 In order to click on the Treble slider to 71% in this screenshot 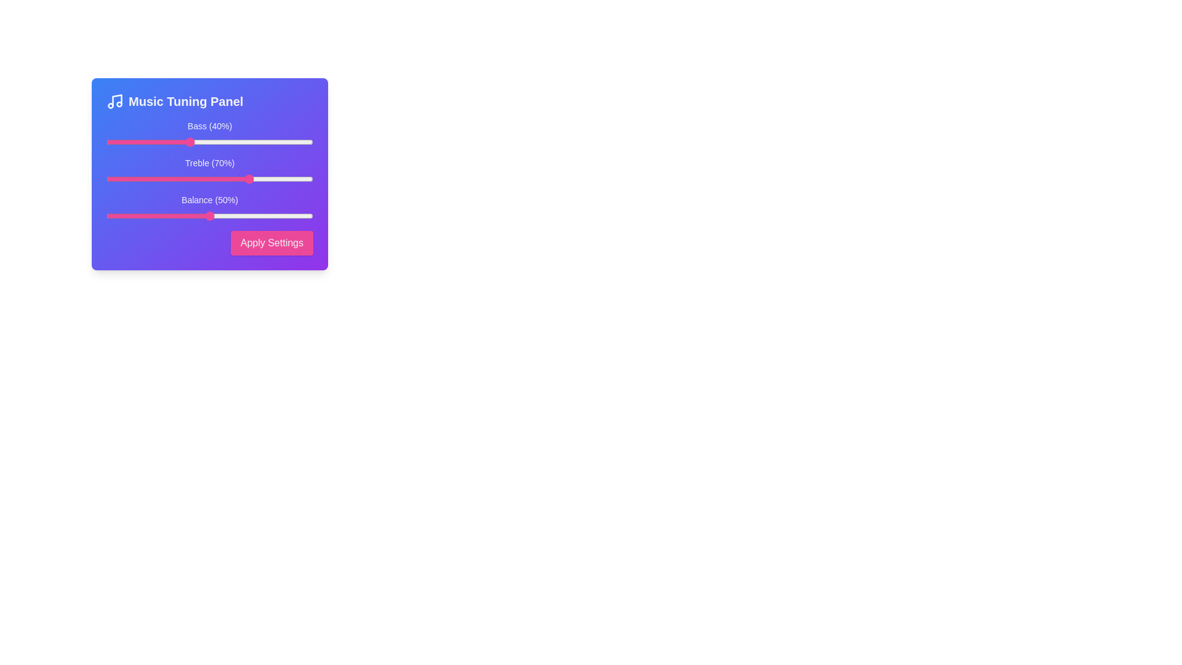, I will do `click(252, 179)`.